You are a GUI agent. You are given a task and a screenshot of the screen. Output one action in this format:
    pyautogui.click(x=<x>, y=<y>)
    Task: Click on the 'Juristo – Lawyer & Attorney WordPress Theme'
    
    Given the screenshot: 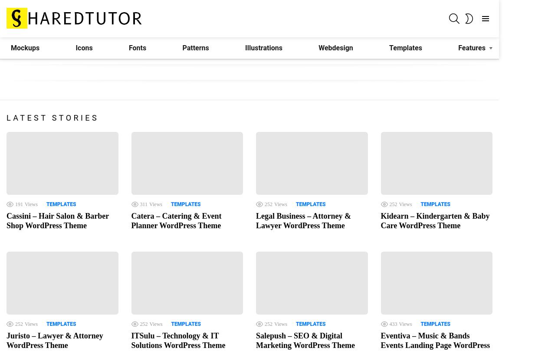 What is the action you would take?
    pyautogui.click(x=55, y=340)
    